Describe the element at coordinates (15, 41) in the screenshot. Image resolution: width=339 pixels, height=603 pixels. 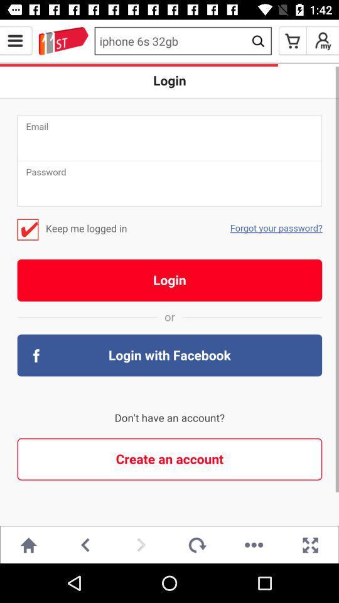
I see `the menu icon` at that location.